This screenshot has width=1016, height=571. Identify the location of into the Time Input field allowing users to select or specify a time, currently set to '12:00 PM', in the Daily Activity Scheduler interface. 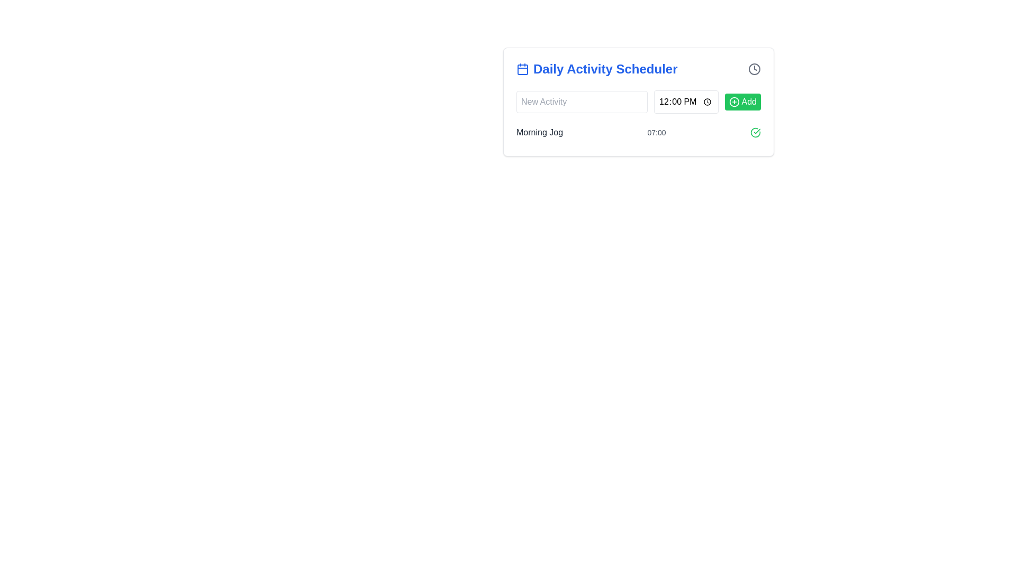
(686, 102).